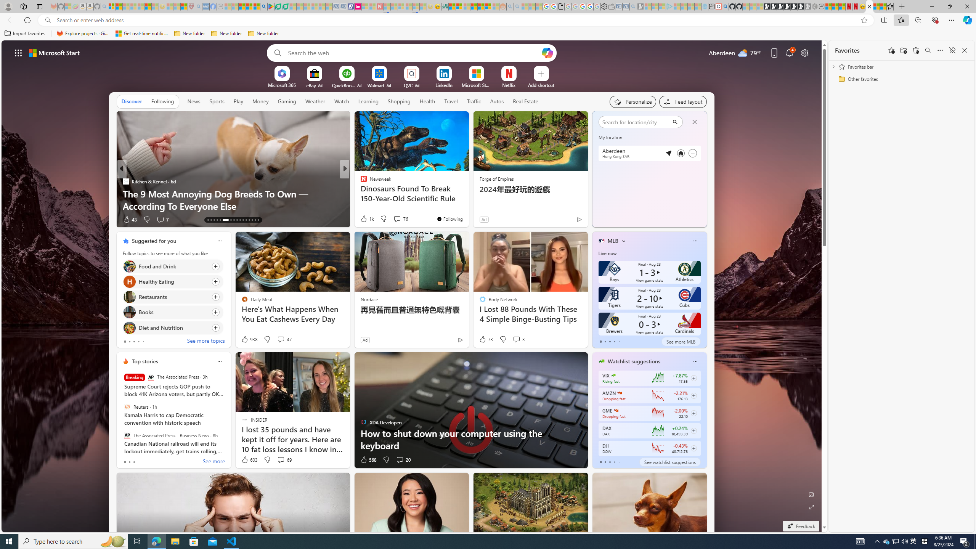  Describe the element at coordinates (364, 219) in the screenshot. I see `'85 Like'` at that location.